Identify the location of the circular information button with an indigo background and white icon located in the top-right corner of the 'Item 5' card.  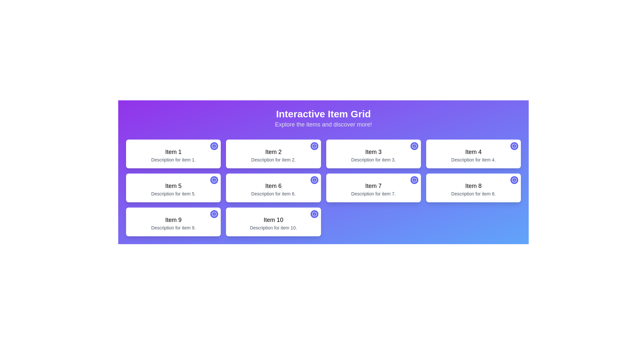
(214, 180).